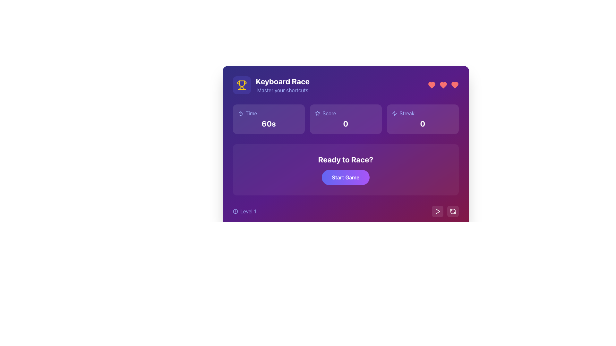 The height and width of the screenshot is (346, 616). I want to click on the Text label that displays the current streak count, located within the 'Streak' card in the top-right quadrant of the interface, so click(423, 123).